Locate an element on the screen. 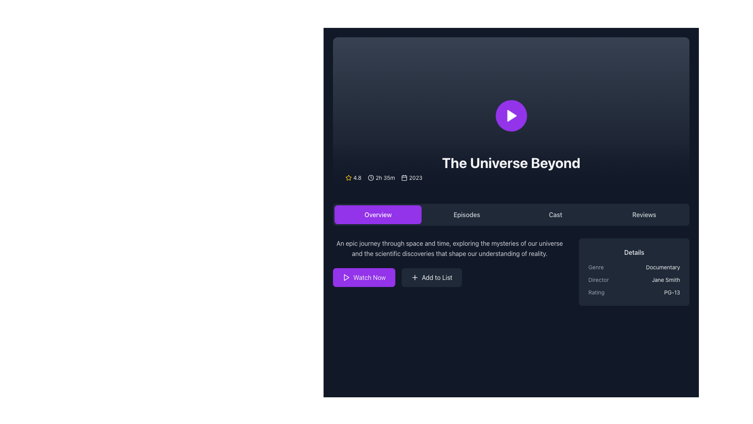 The image size is (753, 424). the icon located centrally within the purple circular button above the title 'The Universe Beyond' to trigger additional effects is located at coordinates (511, 115).